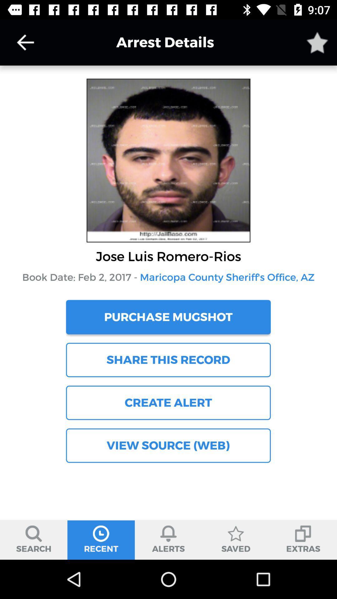 This screenshot has height=599, width=337. Describe the element at coordinates (168, 445) in the screenshot. I see `view source (web) icon` at that location.